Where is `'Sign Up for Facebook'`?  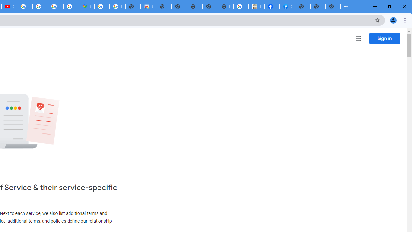 'Sign Up for Facebook' is located at coordinates (287, 6).